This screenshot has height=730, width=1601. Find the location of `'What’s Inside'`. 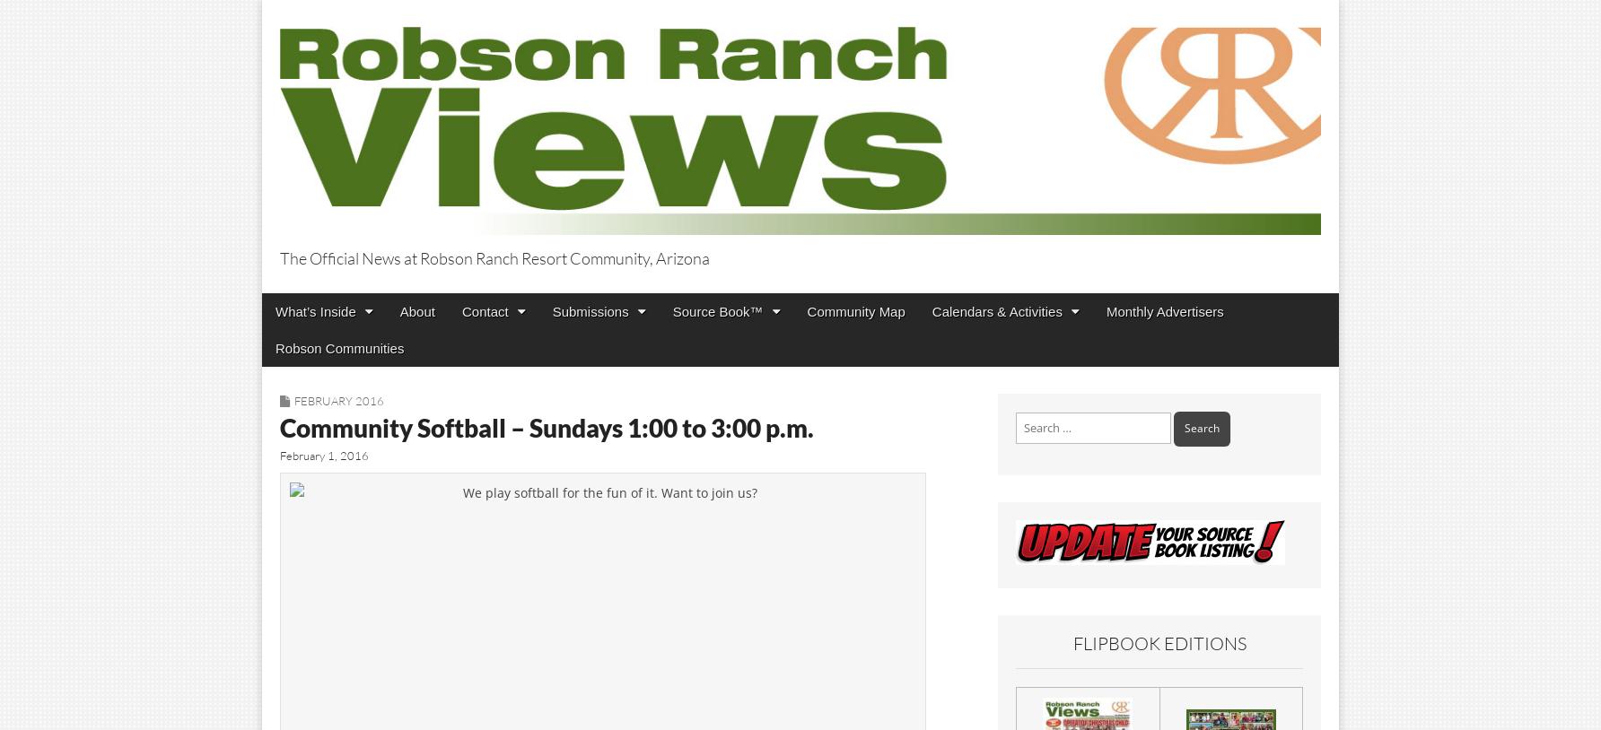

'What’s Inside' is located at coordinates (276, 310).